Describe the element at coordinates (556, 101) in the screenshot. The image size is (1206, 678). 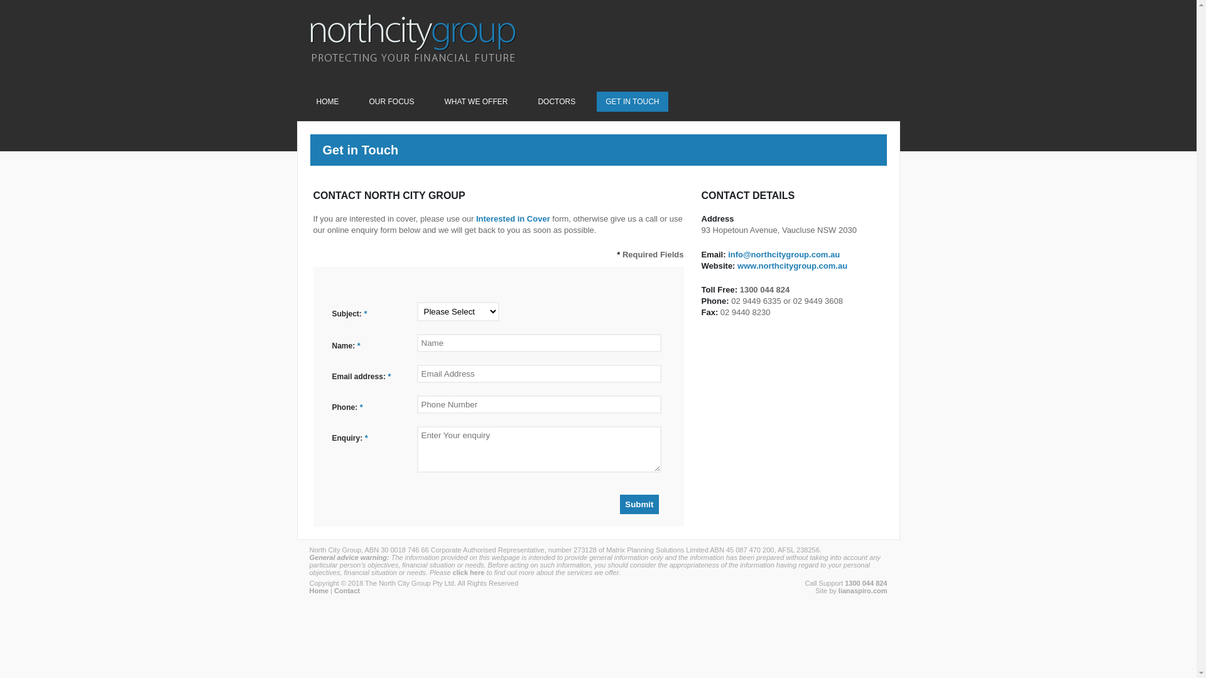
I see `'DOCTORS'` at that location.